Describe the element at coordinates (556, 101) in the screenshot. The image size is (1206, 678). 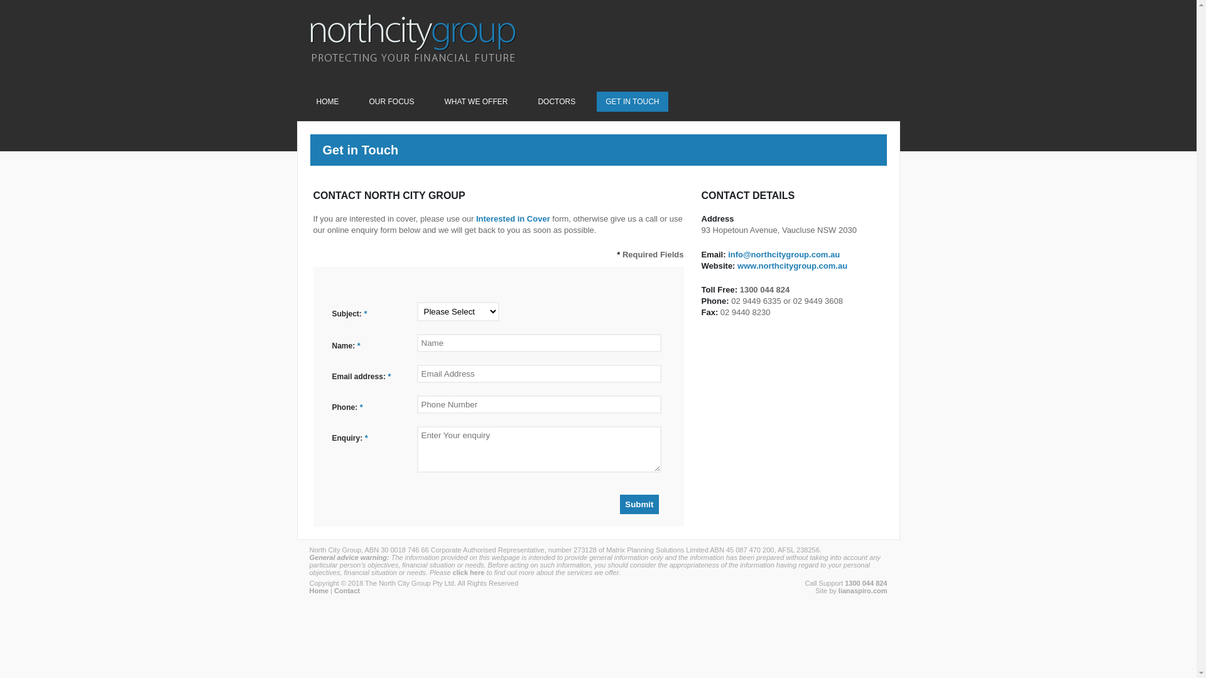
I see `'DOCTORS'` at that location.